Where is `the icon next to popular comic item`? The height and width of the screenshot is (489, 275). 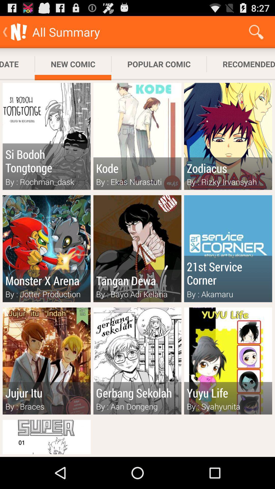 the icon next to popular comic item is located at coordinates (241, 64).